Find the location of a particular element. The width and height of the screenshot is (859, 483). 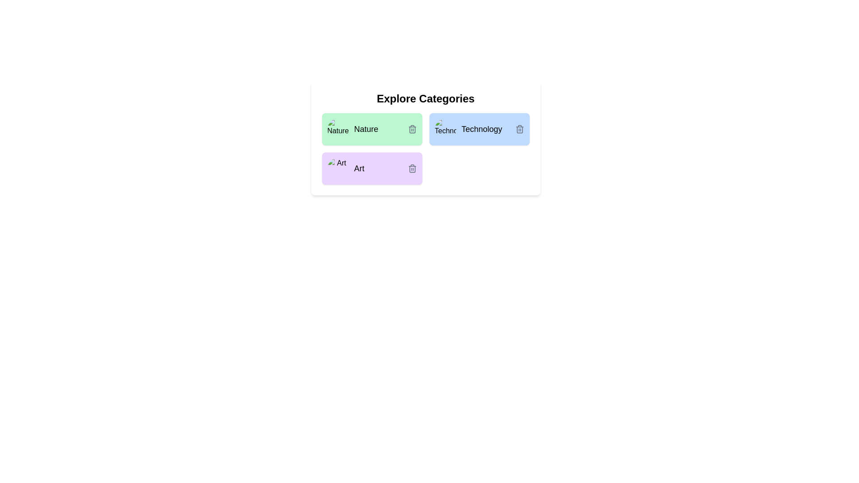

the background container of the component is located at coordinates (425, 203).